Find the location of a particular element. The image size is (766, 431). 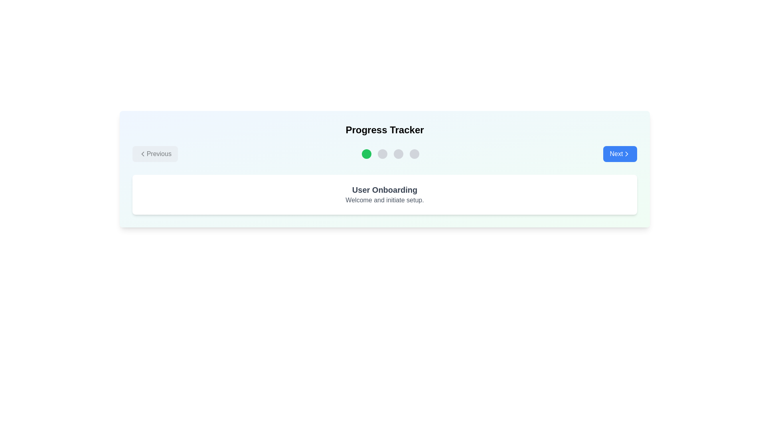

'Next' button to navigate to the next step is located at coordinates (620, 154).